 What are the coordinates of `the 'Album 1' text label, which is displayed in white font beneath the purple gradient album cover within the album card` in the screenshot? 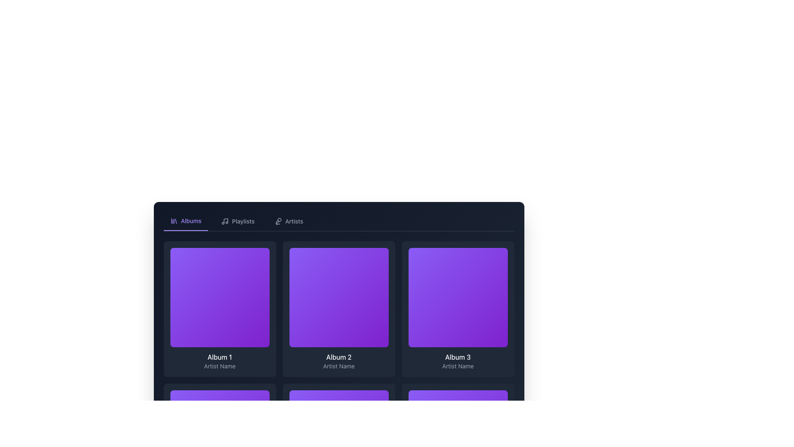 It's located at (220, 357).